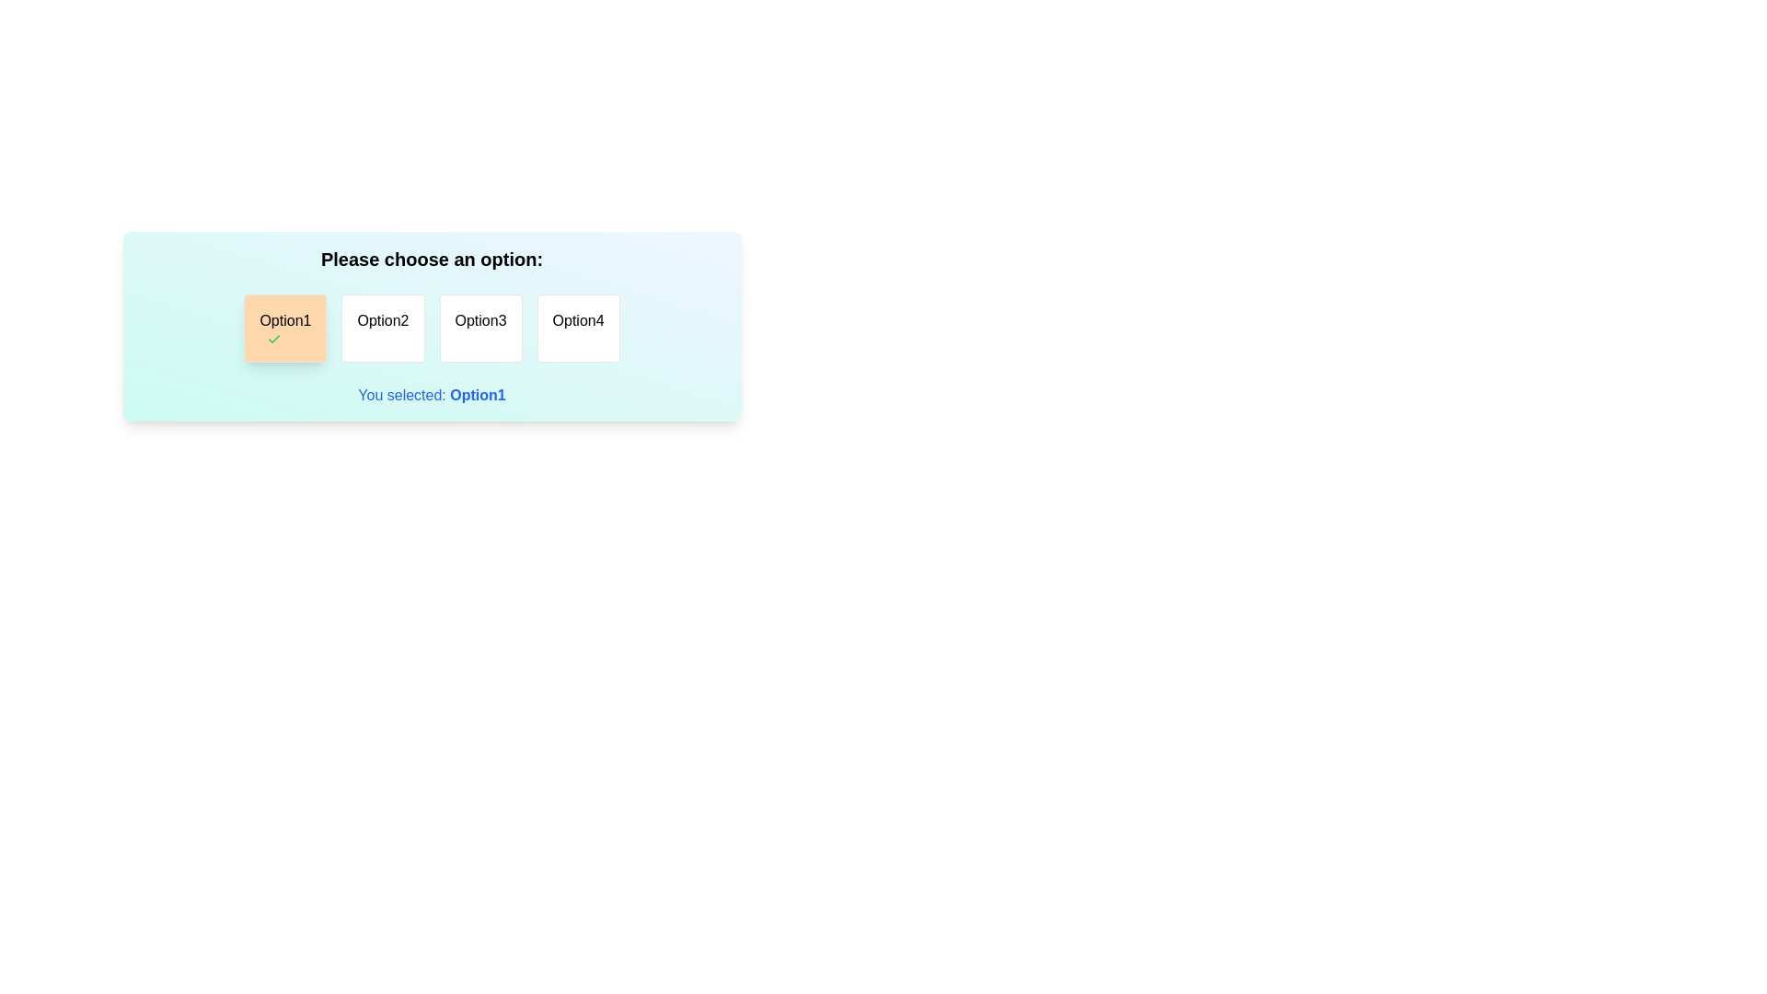  What do you see at coordinates (577, 319) in the screenshot?
I see `the fourth text label option in the multiple-choice selection interface, which is located to the far right of the group labeled 'Please choose an option.'` at bounding box center [577, 319].